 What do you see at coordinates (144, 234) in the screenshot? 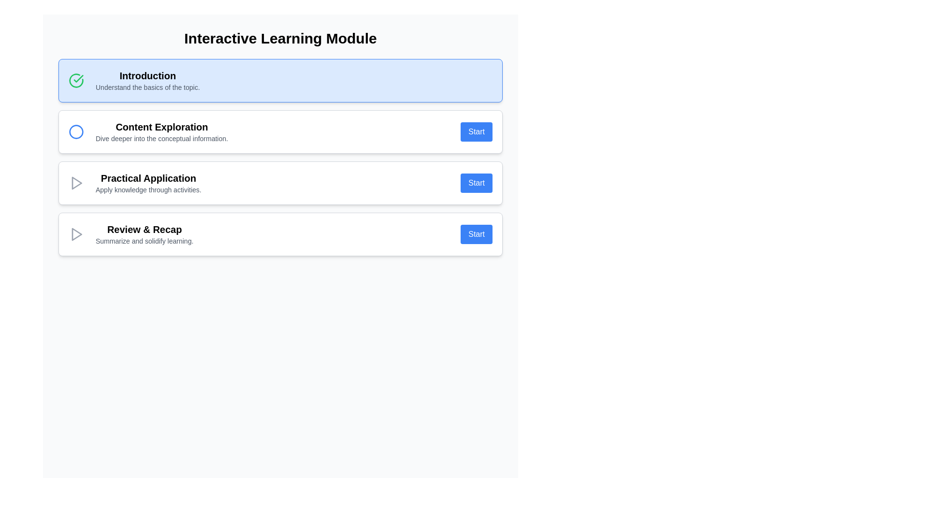
I see `the 'Review & Recap' text element, which is the third module description in the list, positioned between 'Practical Application' and the blue 'Start' button` at bounding box center [144, 234].